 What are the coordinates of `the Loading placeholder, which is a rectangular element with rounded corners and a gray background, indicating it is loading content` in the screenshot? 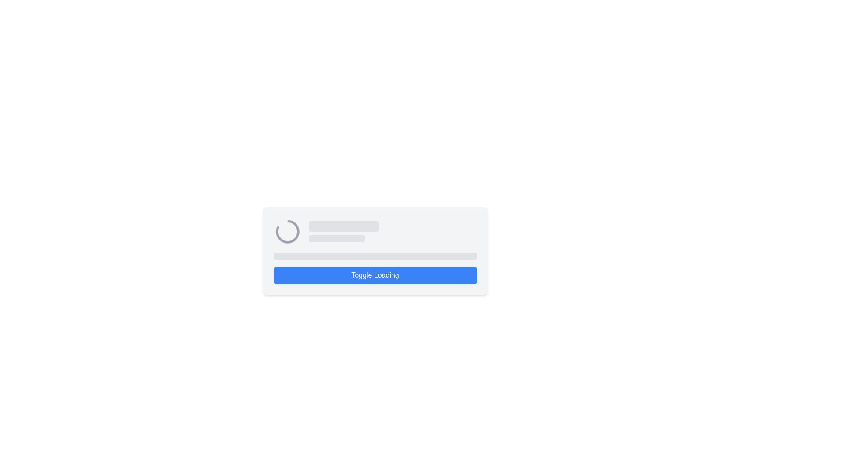 It's located at (336, 238).